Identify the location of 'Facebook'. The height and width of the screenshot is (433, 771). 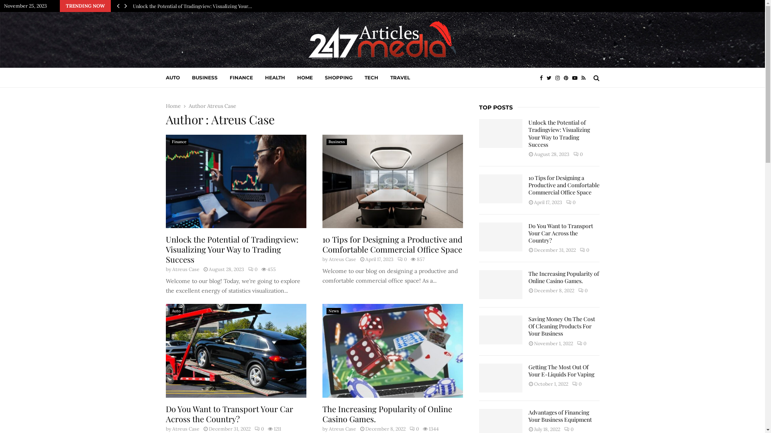
(543, 78).